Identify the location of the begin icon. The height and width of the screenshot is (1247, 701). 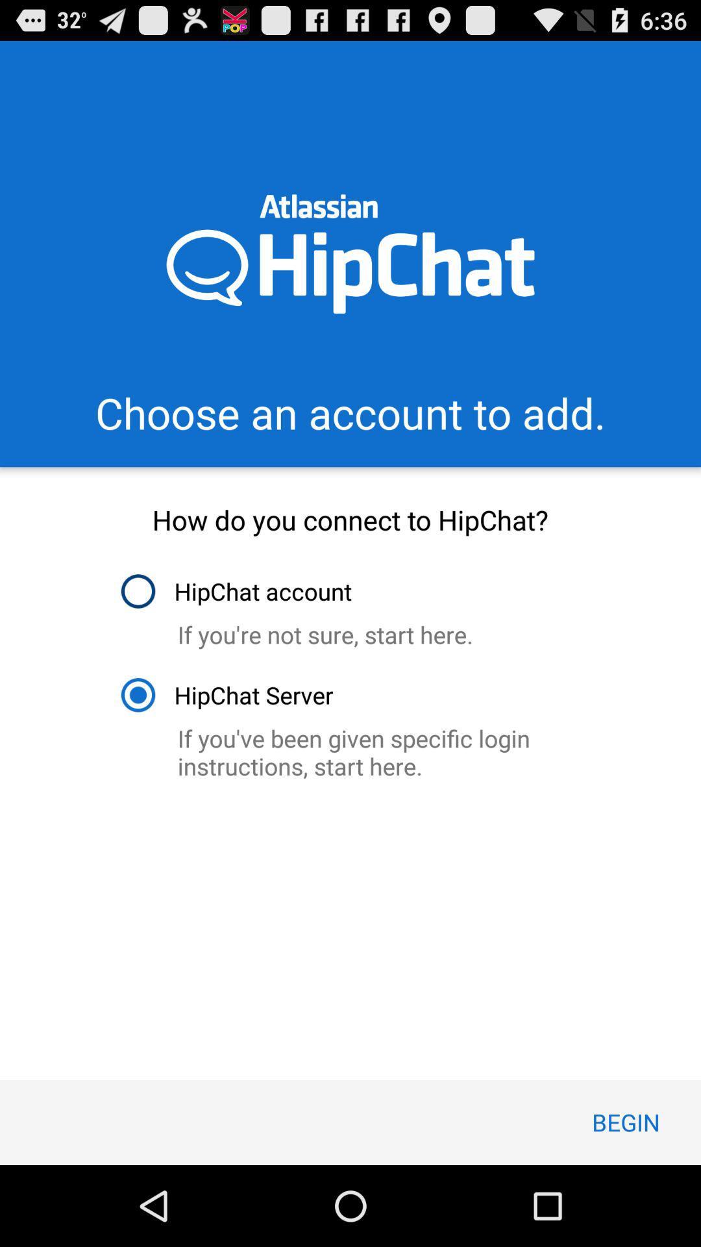
(625, 1122).